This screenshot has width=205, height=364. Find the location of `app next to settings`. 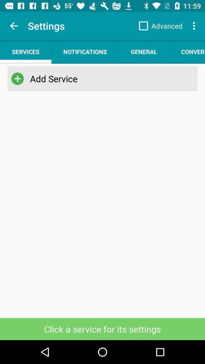

app next to settings is located at coordinates (158, 26).